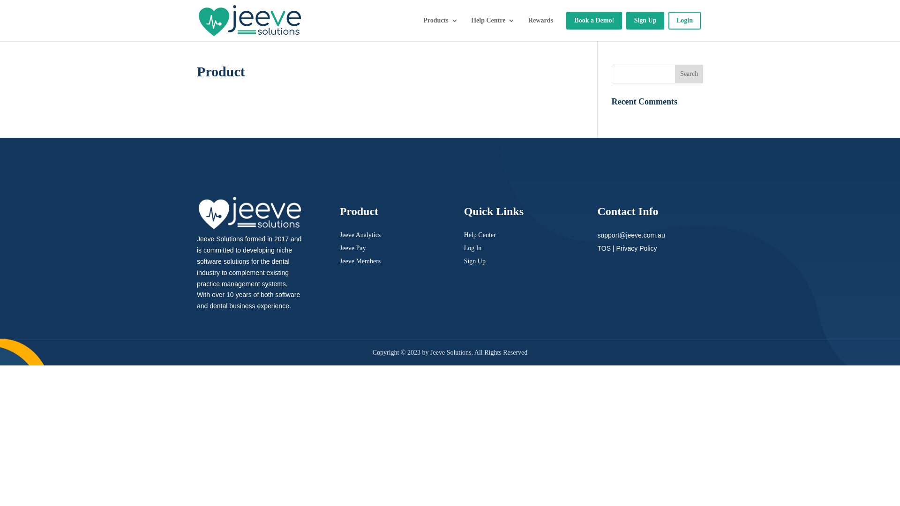 This screenshot has height=506, width=900. Describe the element at coordinates (464, 20) in the screenshot. I see `'Help Centre'` at that location.